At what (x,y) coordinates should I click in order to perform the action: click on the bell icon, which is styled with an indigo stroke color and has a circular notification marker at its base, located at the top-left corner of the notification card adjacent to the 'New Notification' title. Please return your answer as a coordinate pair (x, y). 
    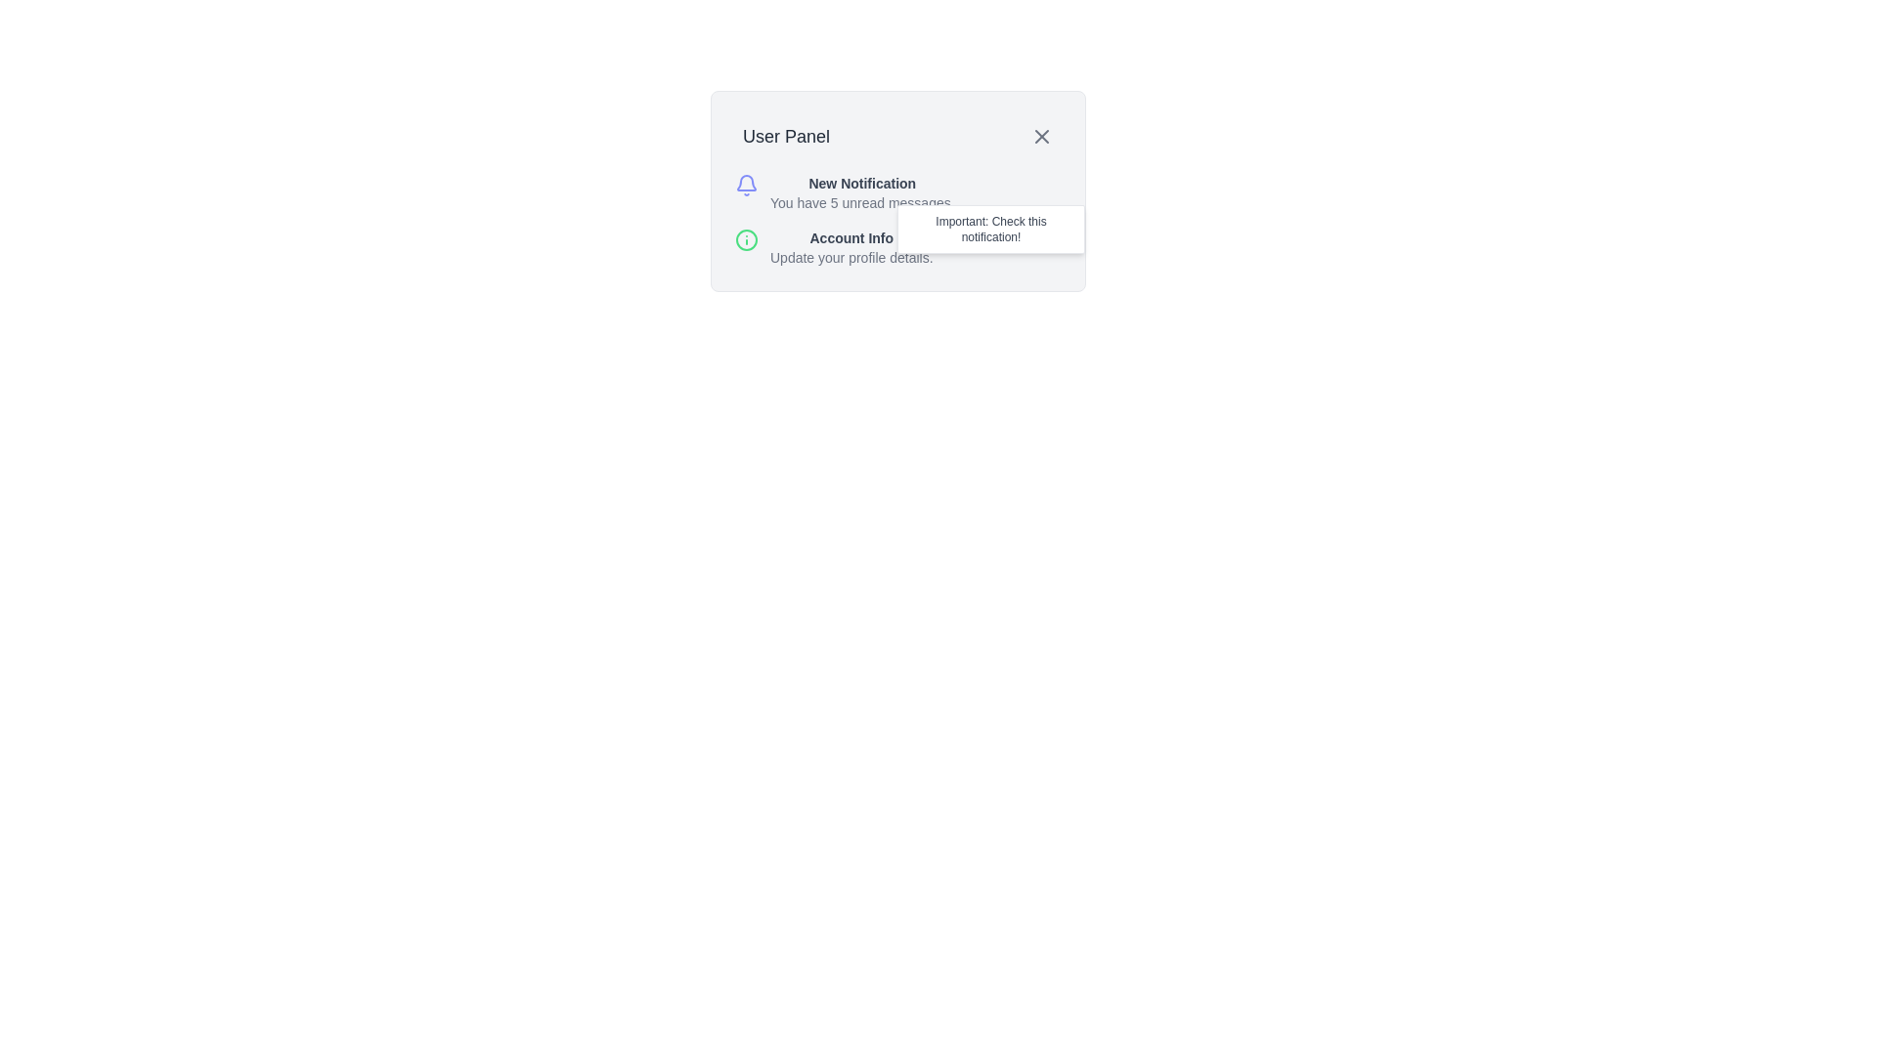
    Looking at the image, I should click on (745, 185).